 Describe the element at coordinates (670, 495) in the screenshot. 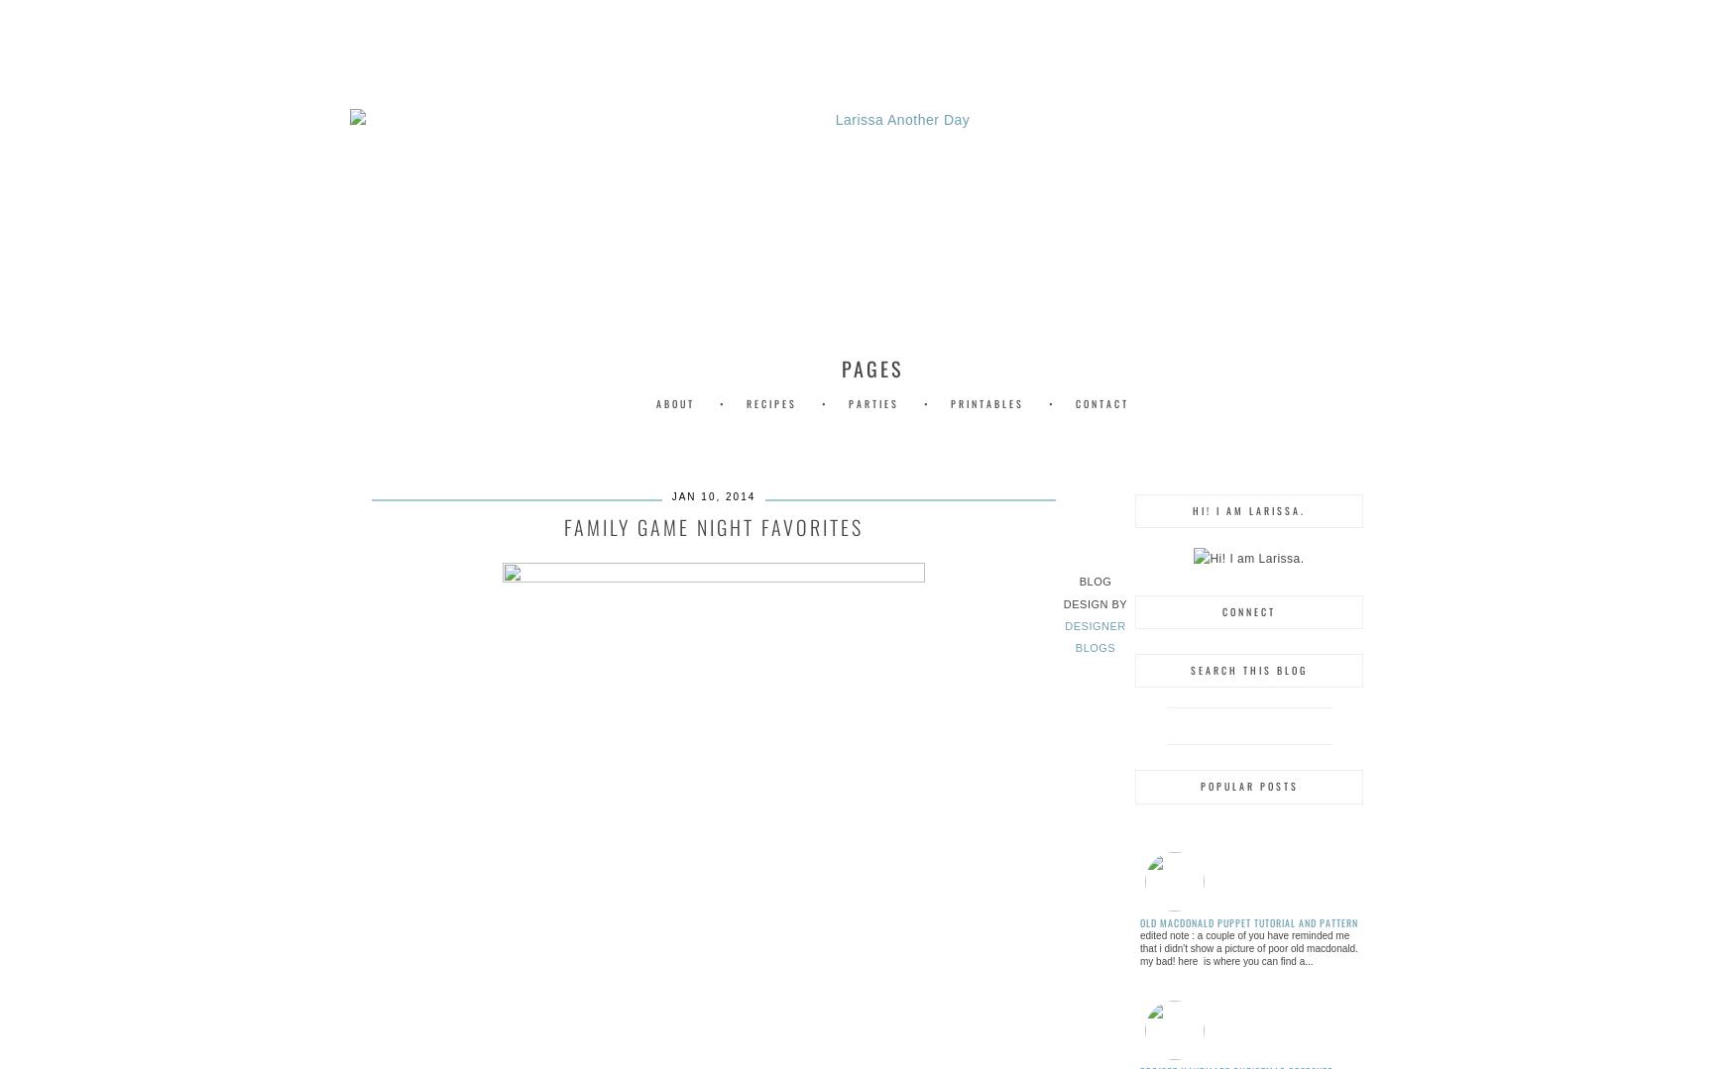

I see `'Jan 10, 2014'` at that location.